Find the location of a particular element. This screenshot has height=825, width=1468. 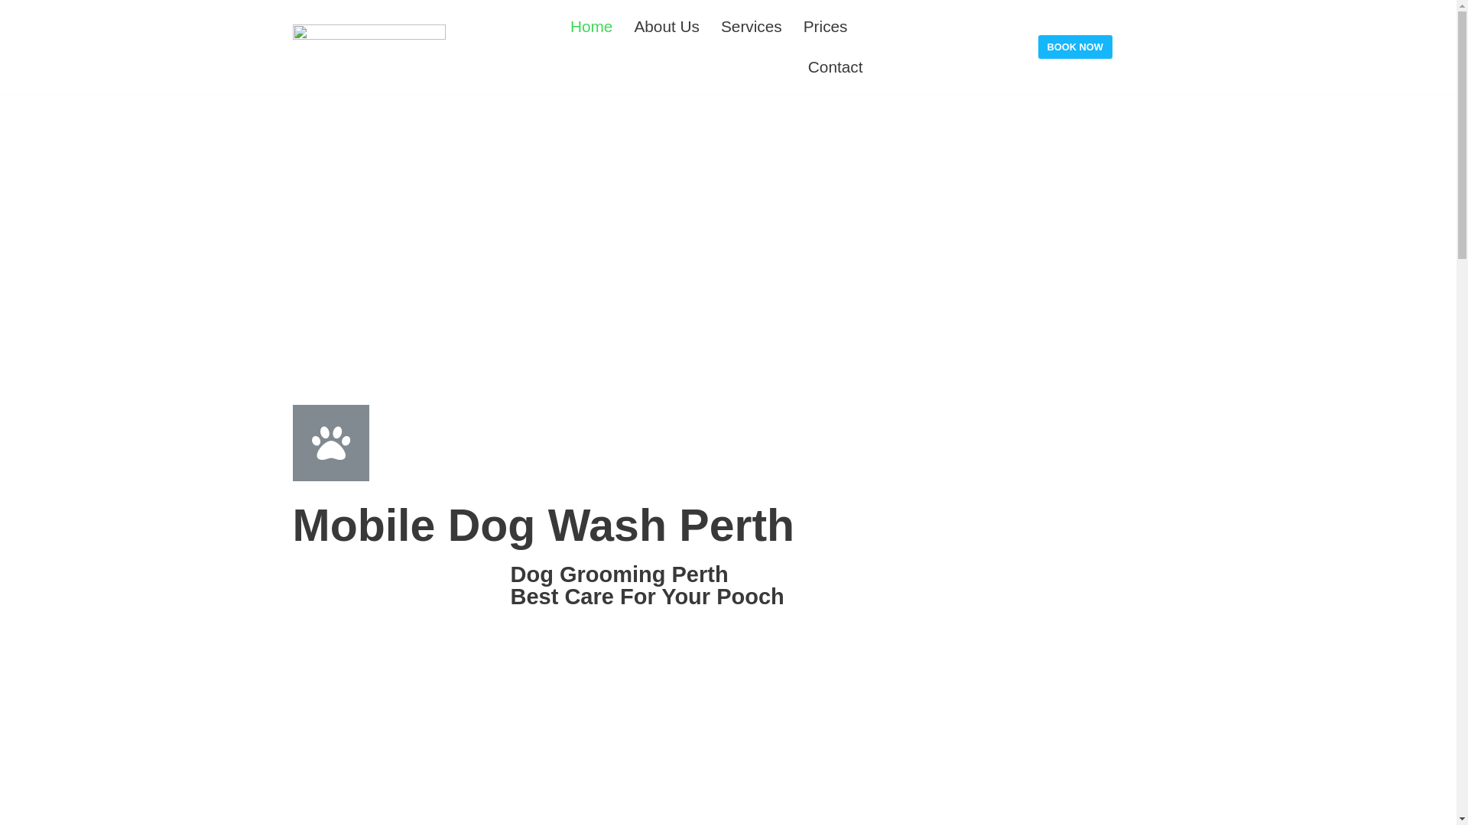

'Prices' is located at coordinates (825, 26).